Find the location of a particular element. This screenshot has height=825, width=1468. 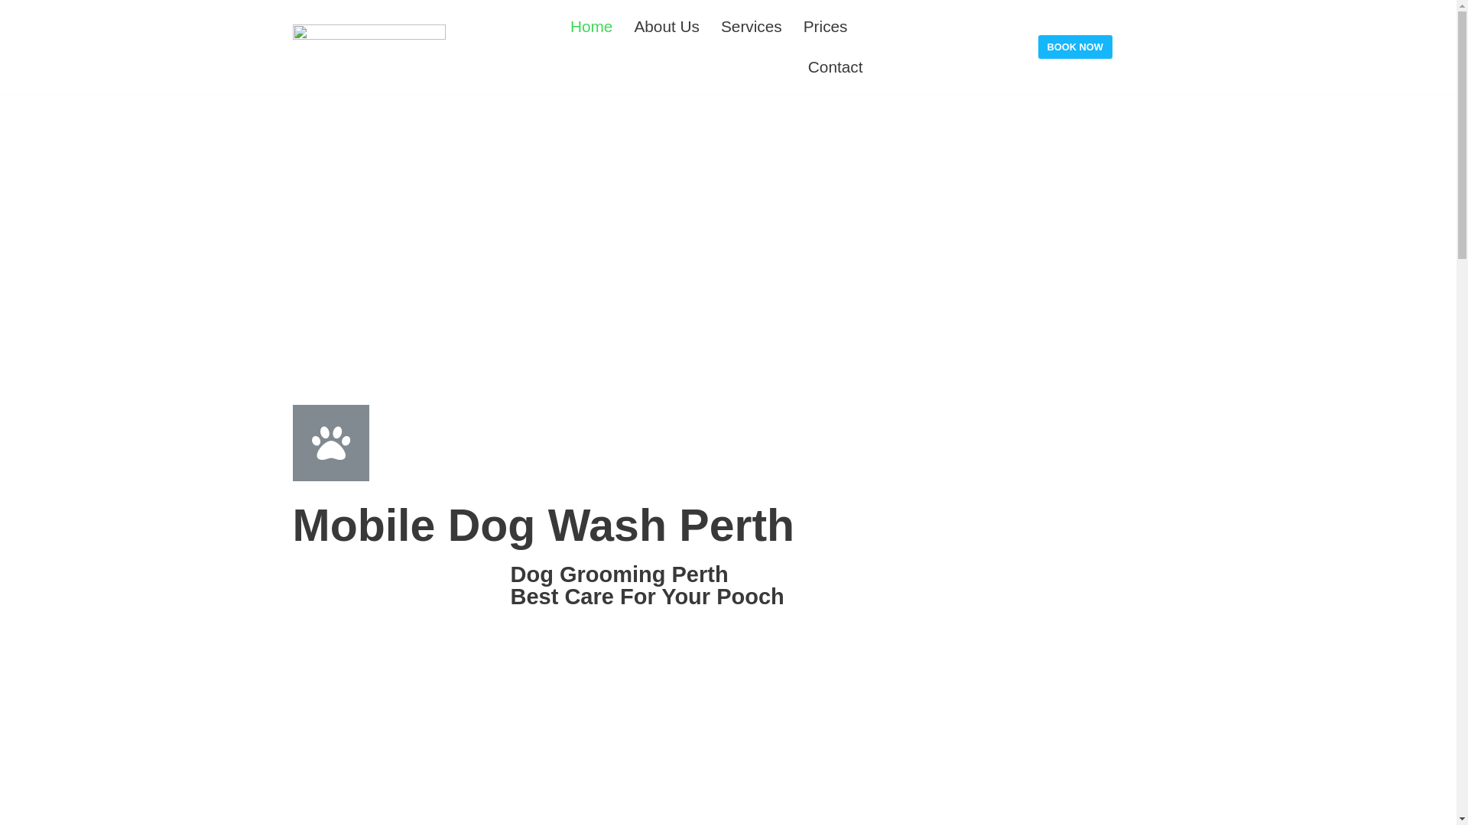

'Prices' is located at coordinates (825, 26).